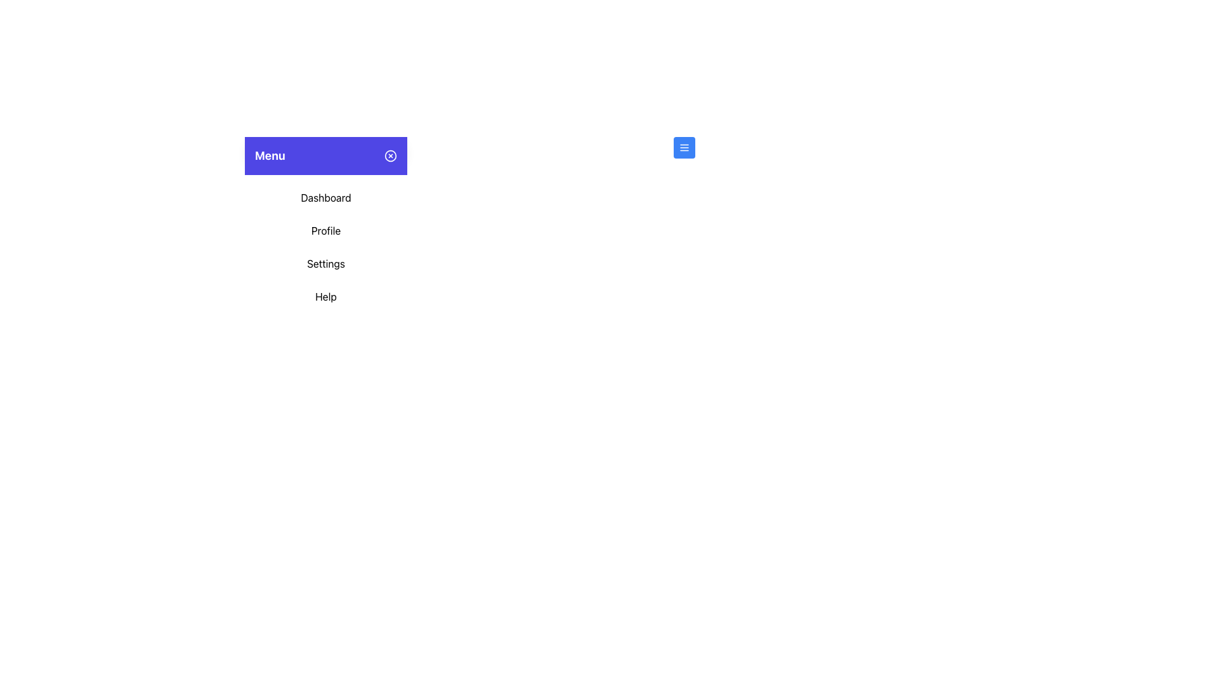 Image resolution: width=1218 pixels, height=685 pixels. What do you see at coordinates (325, 198) in the screenshot?
I see `the 'Dashboard' button, which is a rectangular button with black text on a white background located below the 'Menu' header in the top-left quadrant of the interface` at bounding box center [325, 198].